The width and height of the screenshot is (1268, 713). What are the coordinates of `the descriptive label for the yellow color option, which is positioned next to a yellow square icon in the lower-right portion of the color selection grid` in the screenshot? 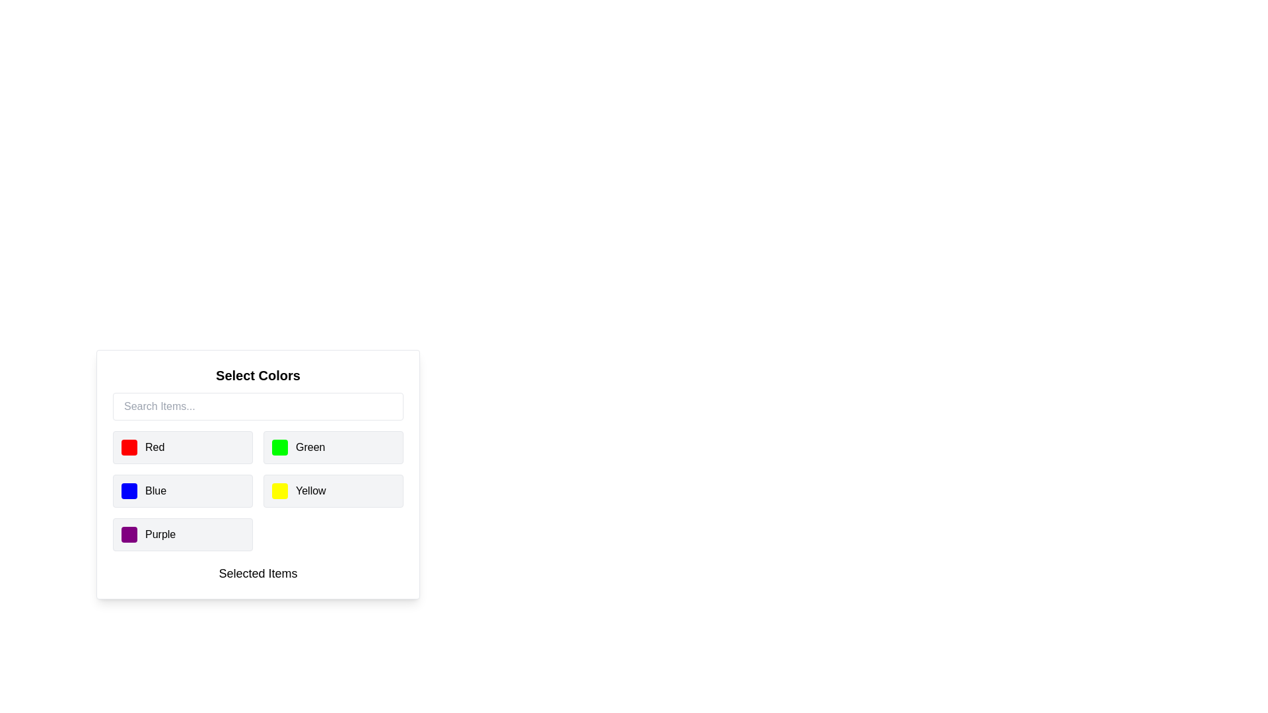 It's located at (310, 491).